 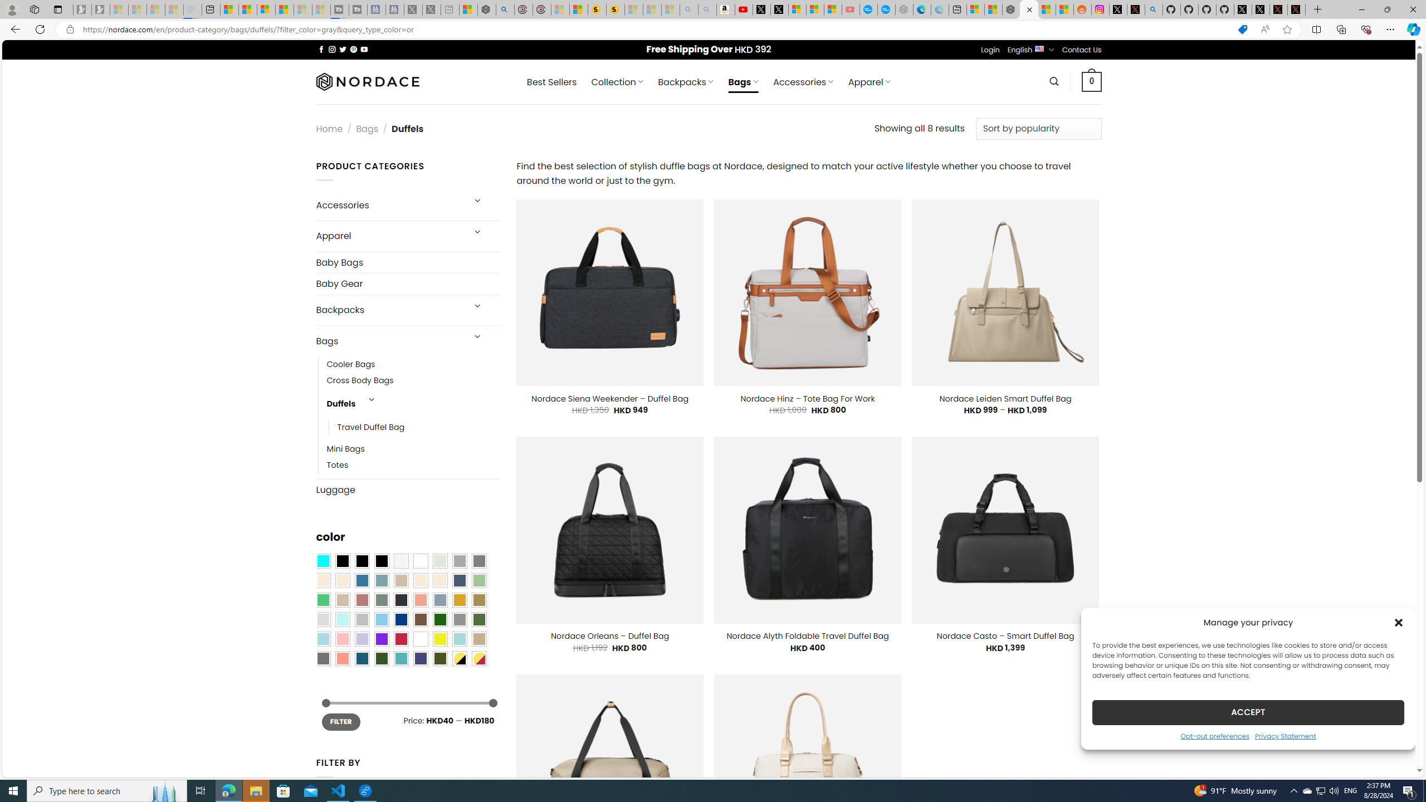 What do you see at coordinates (1092, 81) in the screenshot?
I see `'  0  '` at bounding box center [1092, 81].